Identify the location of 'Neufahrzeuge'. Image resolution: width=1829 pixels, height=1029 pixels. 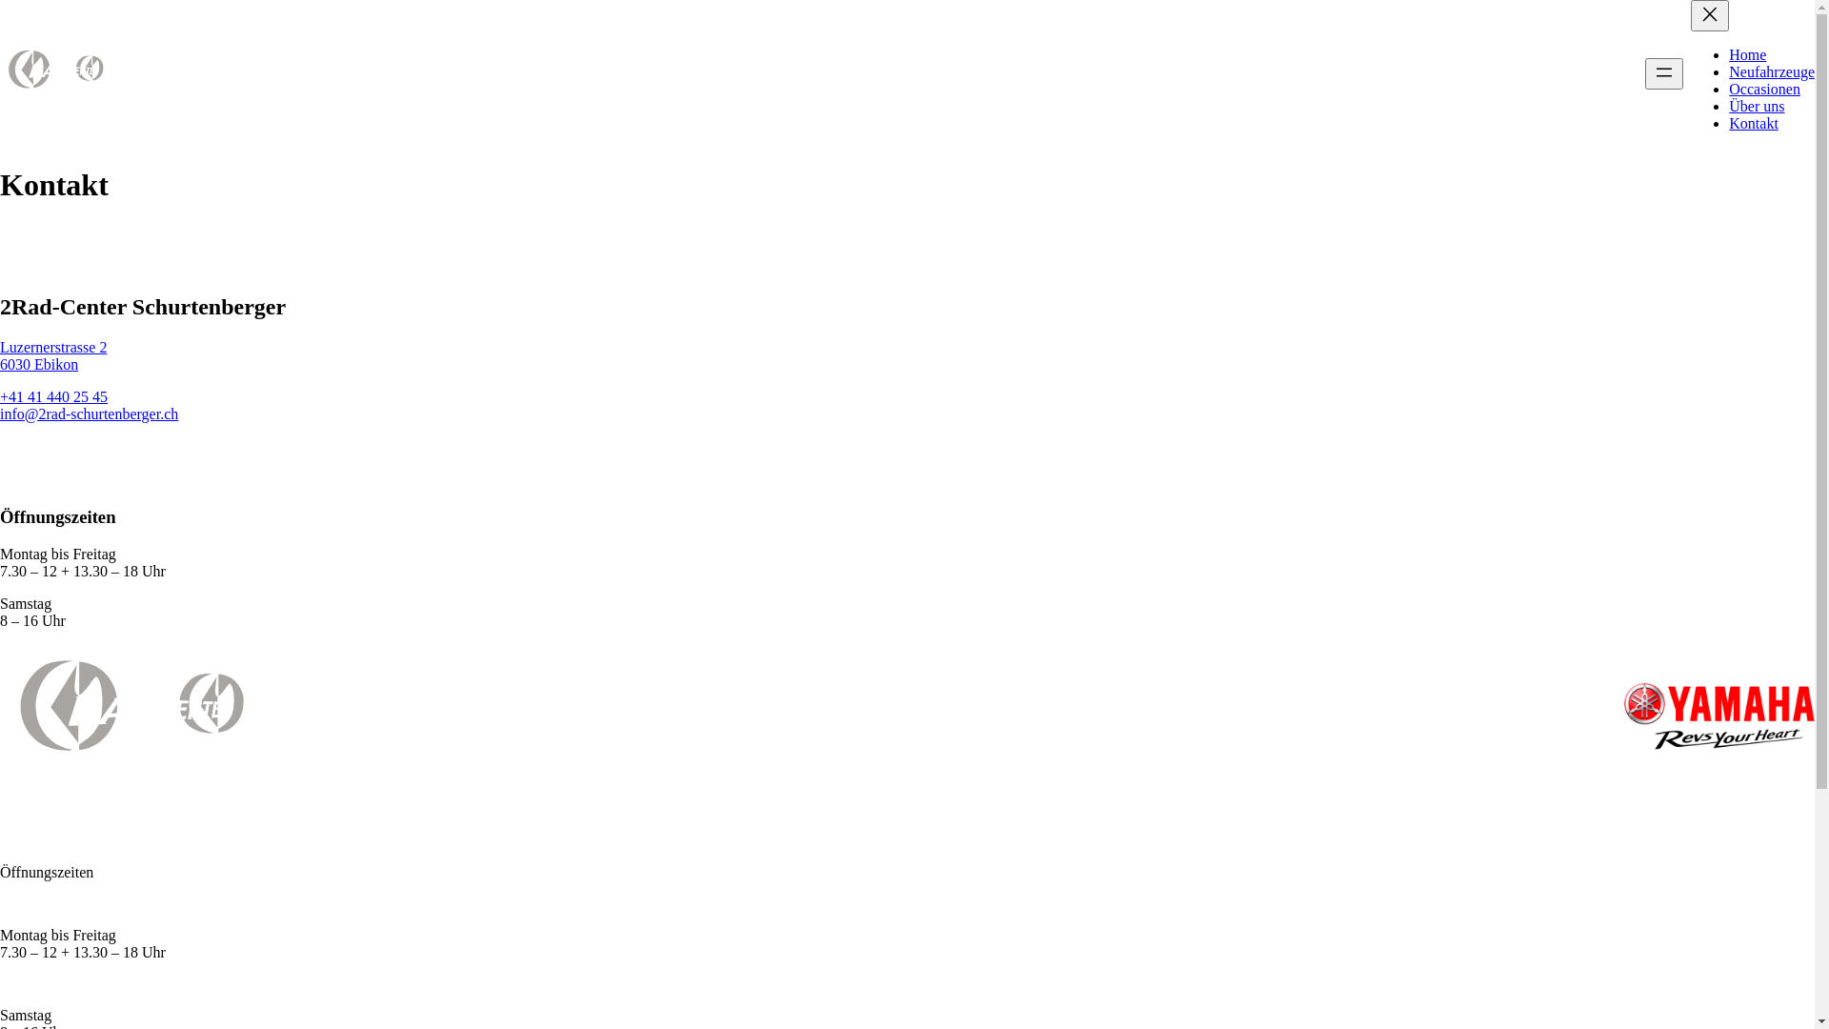
(1771, 71).